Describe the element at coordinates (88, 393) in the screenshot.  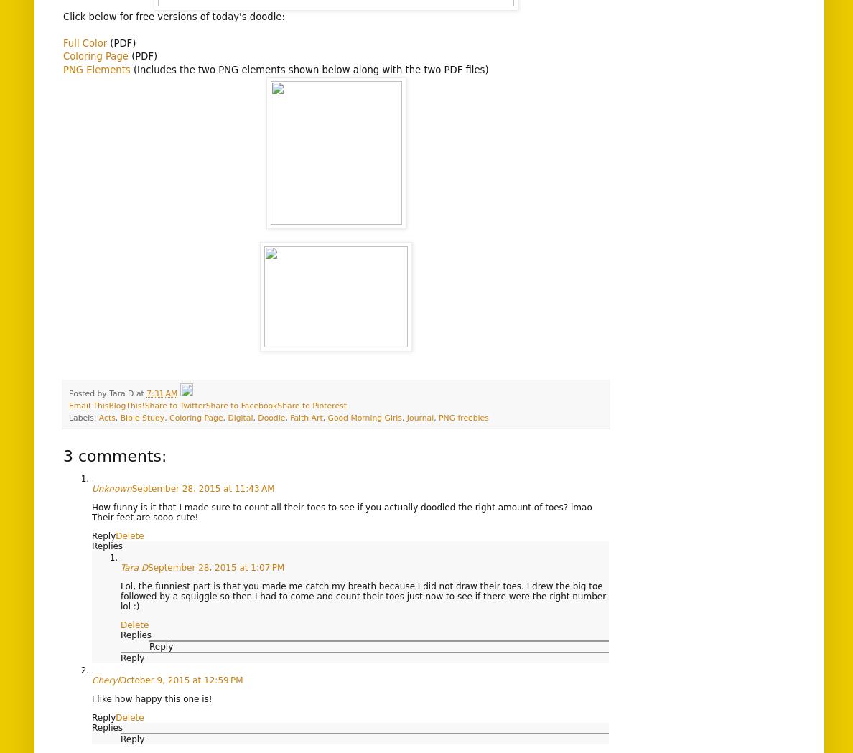
I see `'Posted by'` at that location.